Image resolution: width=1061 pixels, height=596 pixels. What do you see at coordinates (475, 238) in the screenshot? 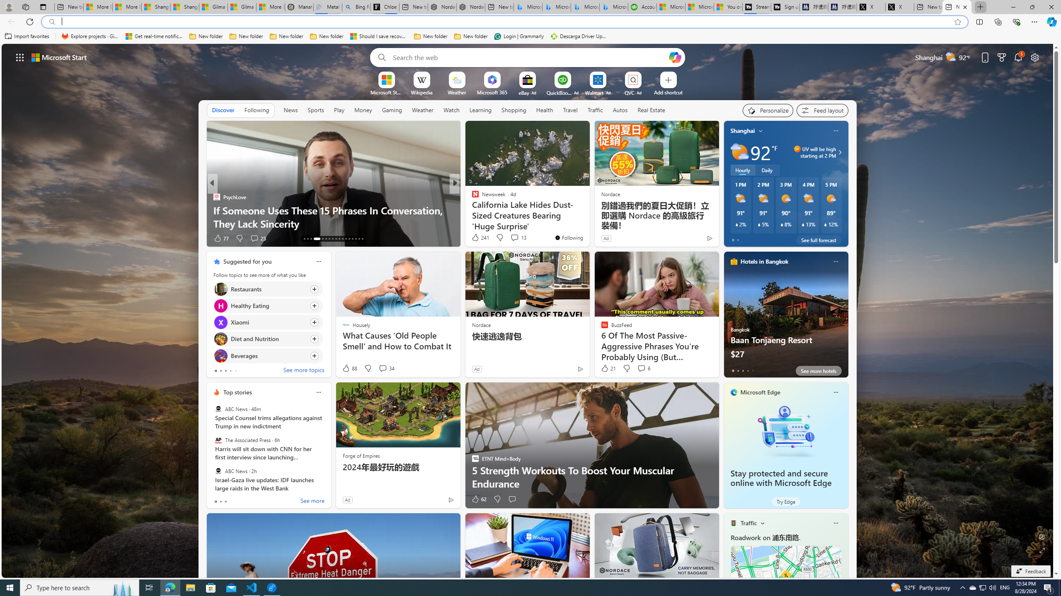
I see `'15 Like'` at bounding box center [475, 238].